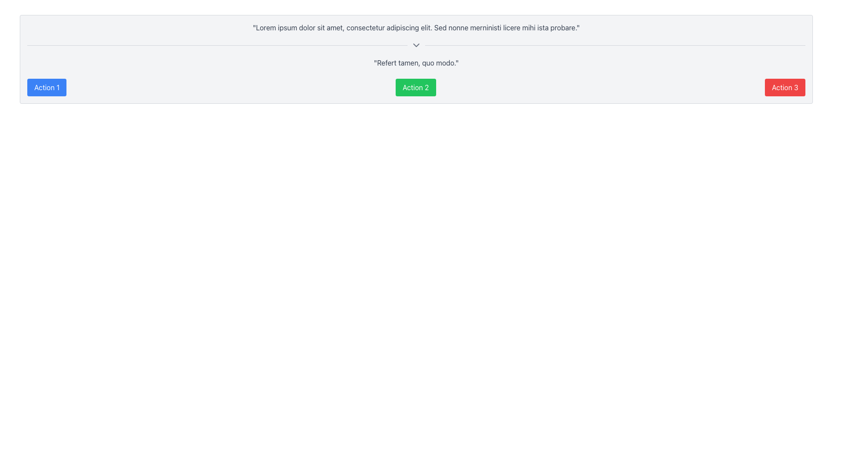 Image resolution: width=845 pixels, height=475 pixels. What do you see at coordinates (415, 88) in the screenshot?
I see `the second button labeled 'Action 2', which is positioned between 'Action 1' and 'Action 3' in a horizontal row` at bounding box center [415, 88].